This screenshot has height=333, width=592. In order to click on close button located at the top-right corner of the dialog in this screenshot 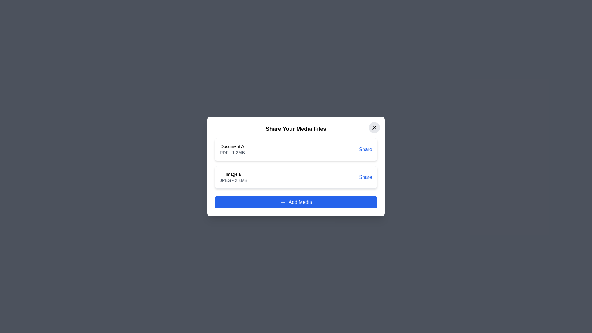, I will do `click(374, 127)`.